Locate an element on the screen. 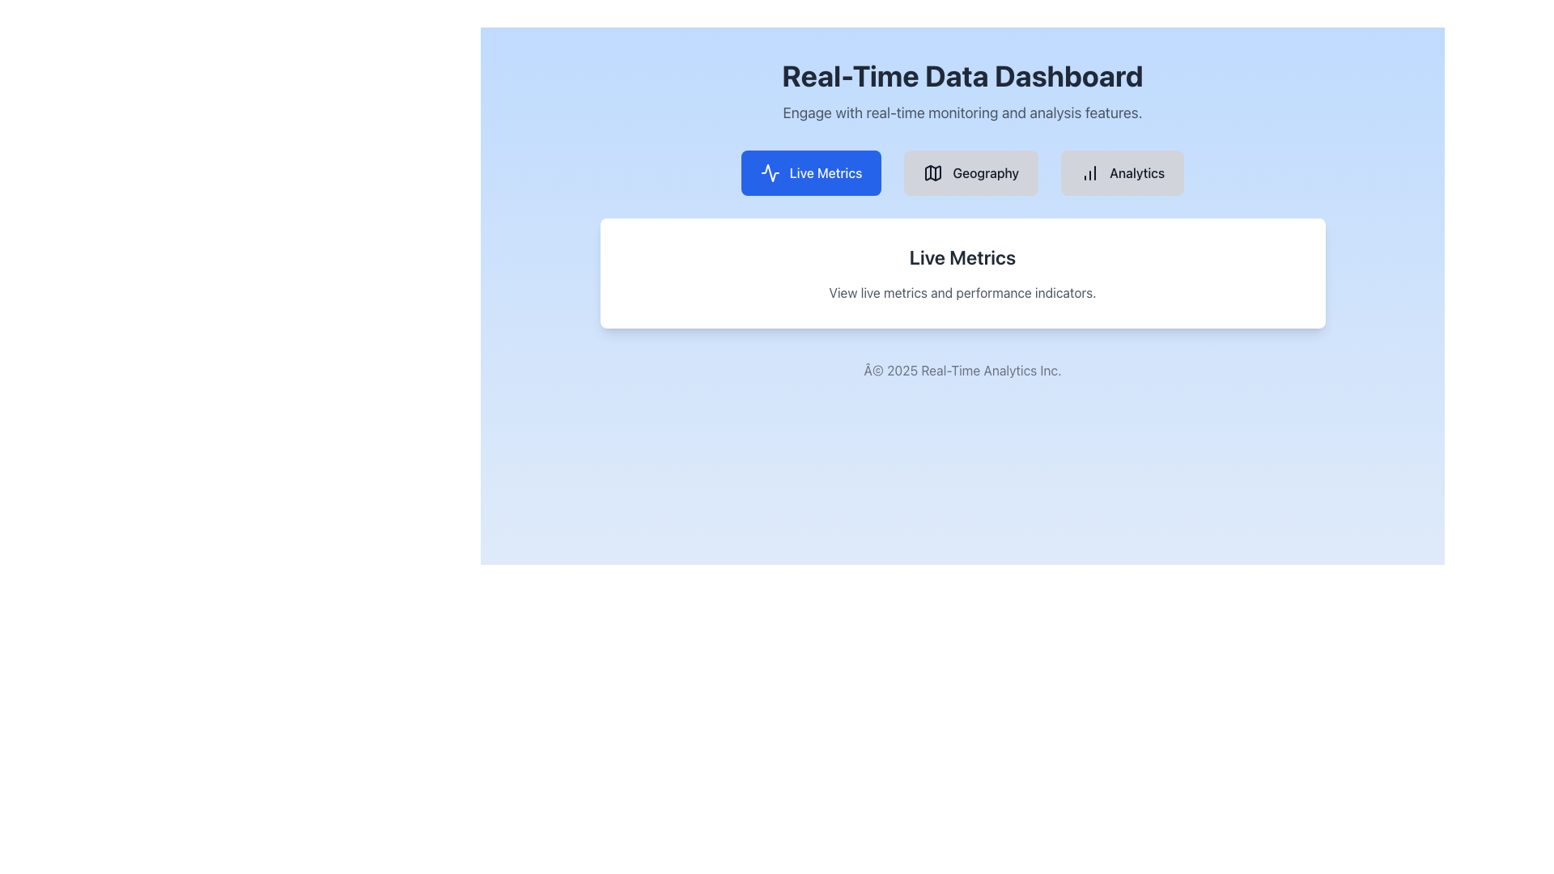  the 'Live Metrics' button, which is the first button in a row of three buttons below the 'Real-Time Data Dashboard' title, to apply a scaling animation is located at coordinates (811, 172).